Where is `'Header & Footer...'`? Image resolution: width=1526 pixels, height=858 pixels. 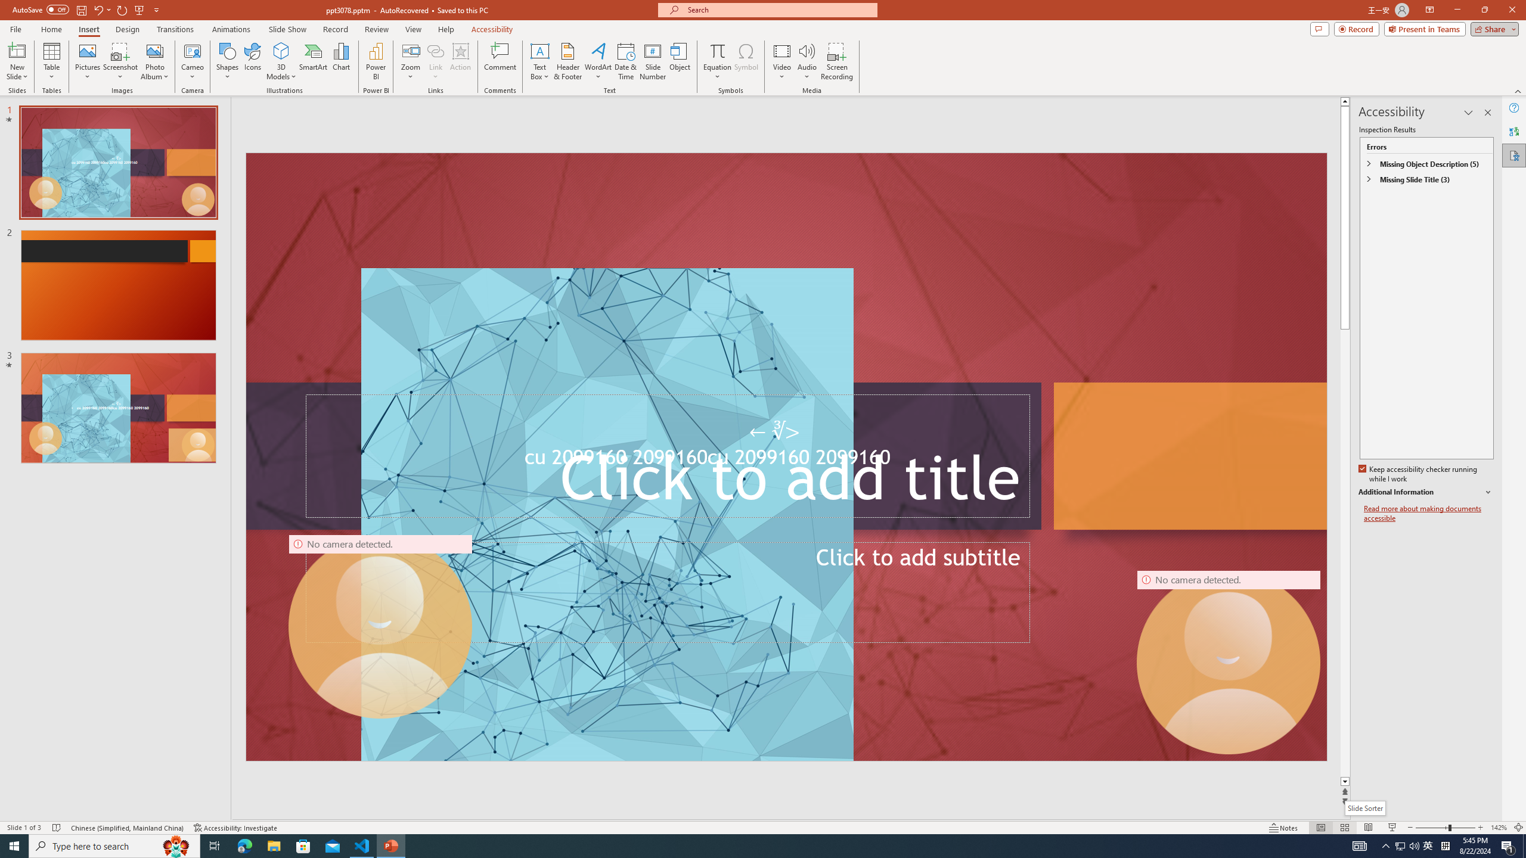 'Header & Footer...' is located at coordinates (567, 61).